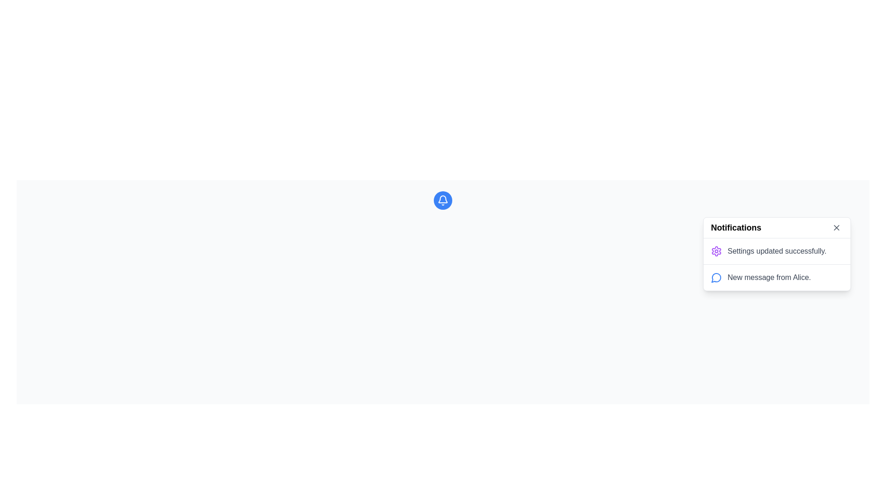 The image size is (887, 499). I want to click on the notification button with a bell icon, so click(443, 200).